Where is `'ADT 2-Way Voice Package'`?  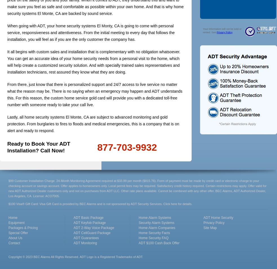
'ADT 2-Way Voice Package' is located at coordinates (73, 228).